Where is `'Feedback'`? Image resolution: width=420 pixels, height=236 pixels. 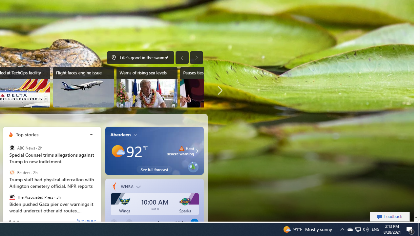
'Feedback' is located at coordinates (389, 216).